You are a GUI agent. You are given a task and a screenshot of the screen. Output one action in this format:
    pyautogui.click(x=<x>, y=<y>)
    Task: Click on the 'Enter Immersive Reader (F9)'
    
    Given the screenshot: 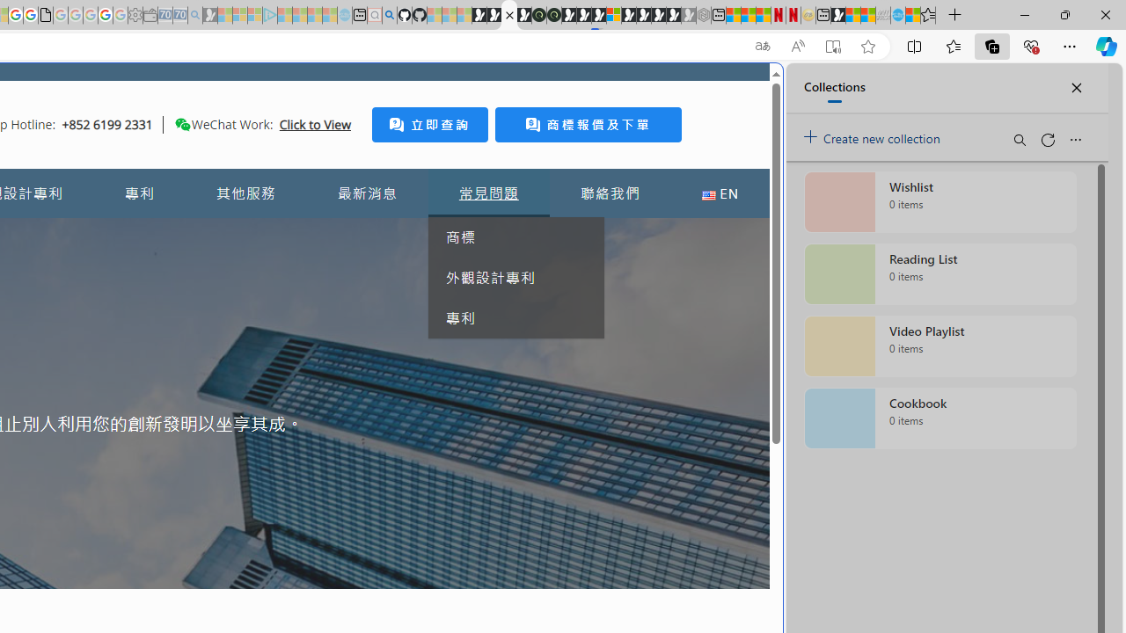 What is the action you would take?
    pyautogui.click(x=831, y=46)
    